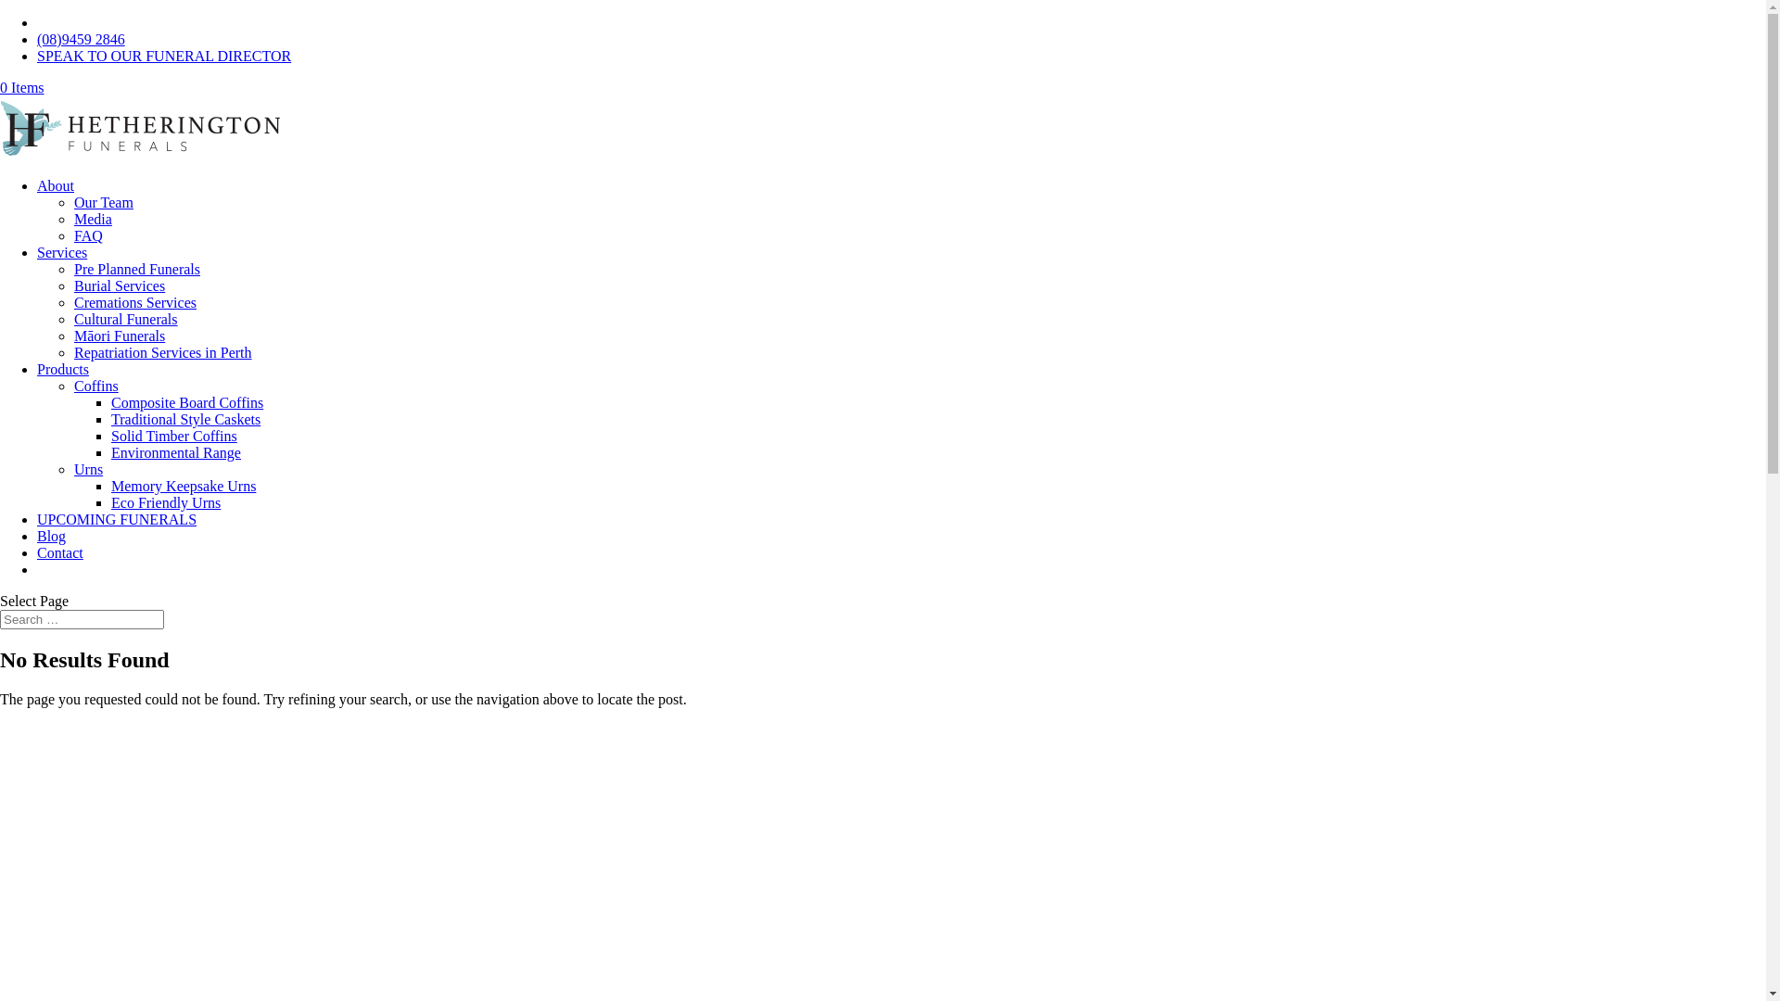 The image size is (1780, 1001). Describe the element at coordinates (60, 551) in the screenshot. I see `'Contact'` at that location.